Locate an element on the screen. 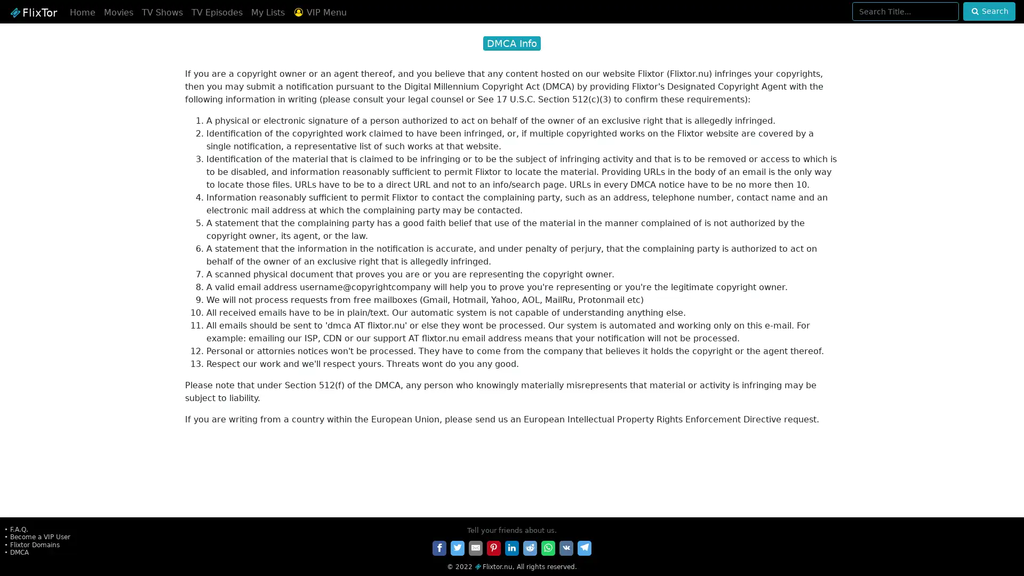 This screenshot has width=1024, height=576. Search is located at coordinates (988, 11).